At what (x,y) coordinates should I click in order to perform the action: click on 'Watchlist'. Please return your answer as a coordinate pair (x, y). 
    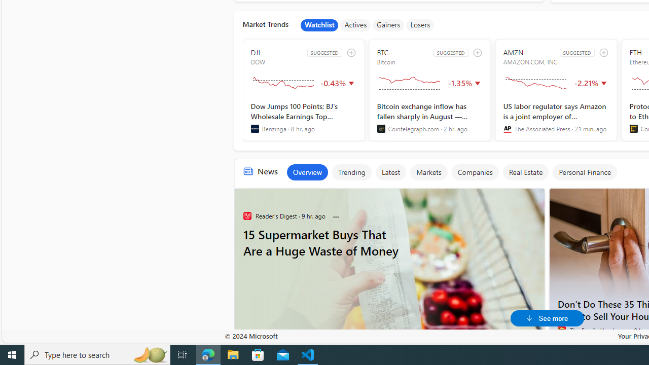
    Looking at the image, I should click on (319, 25).